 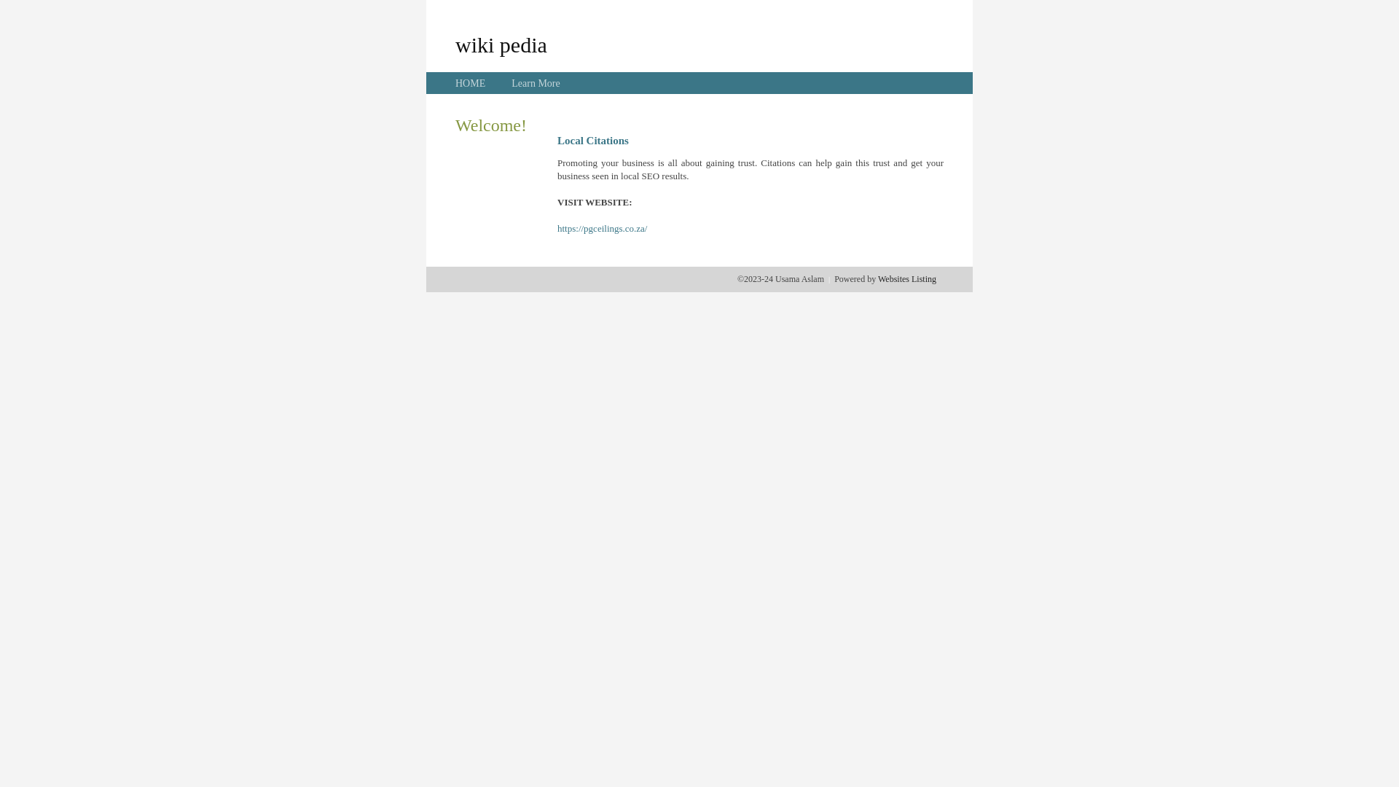 I want to click on 'Websites Listing', so click(x=906, y=278).